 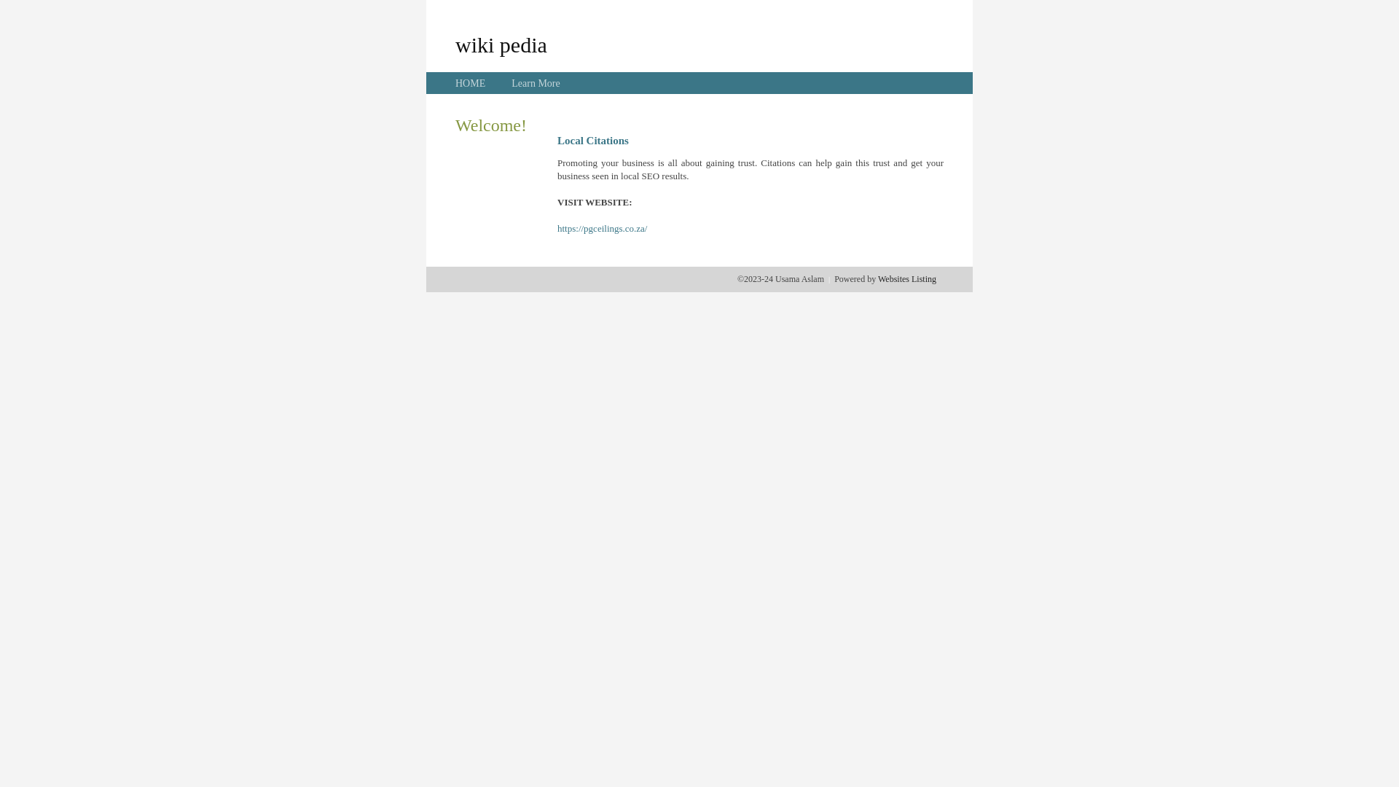 I want to click on 'Websites Listing', so click(x=906, y=278).